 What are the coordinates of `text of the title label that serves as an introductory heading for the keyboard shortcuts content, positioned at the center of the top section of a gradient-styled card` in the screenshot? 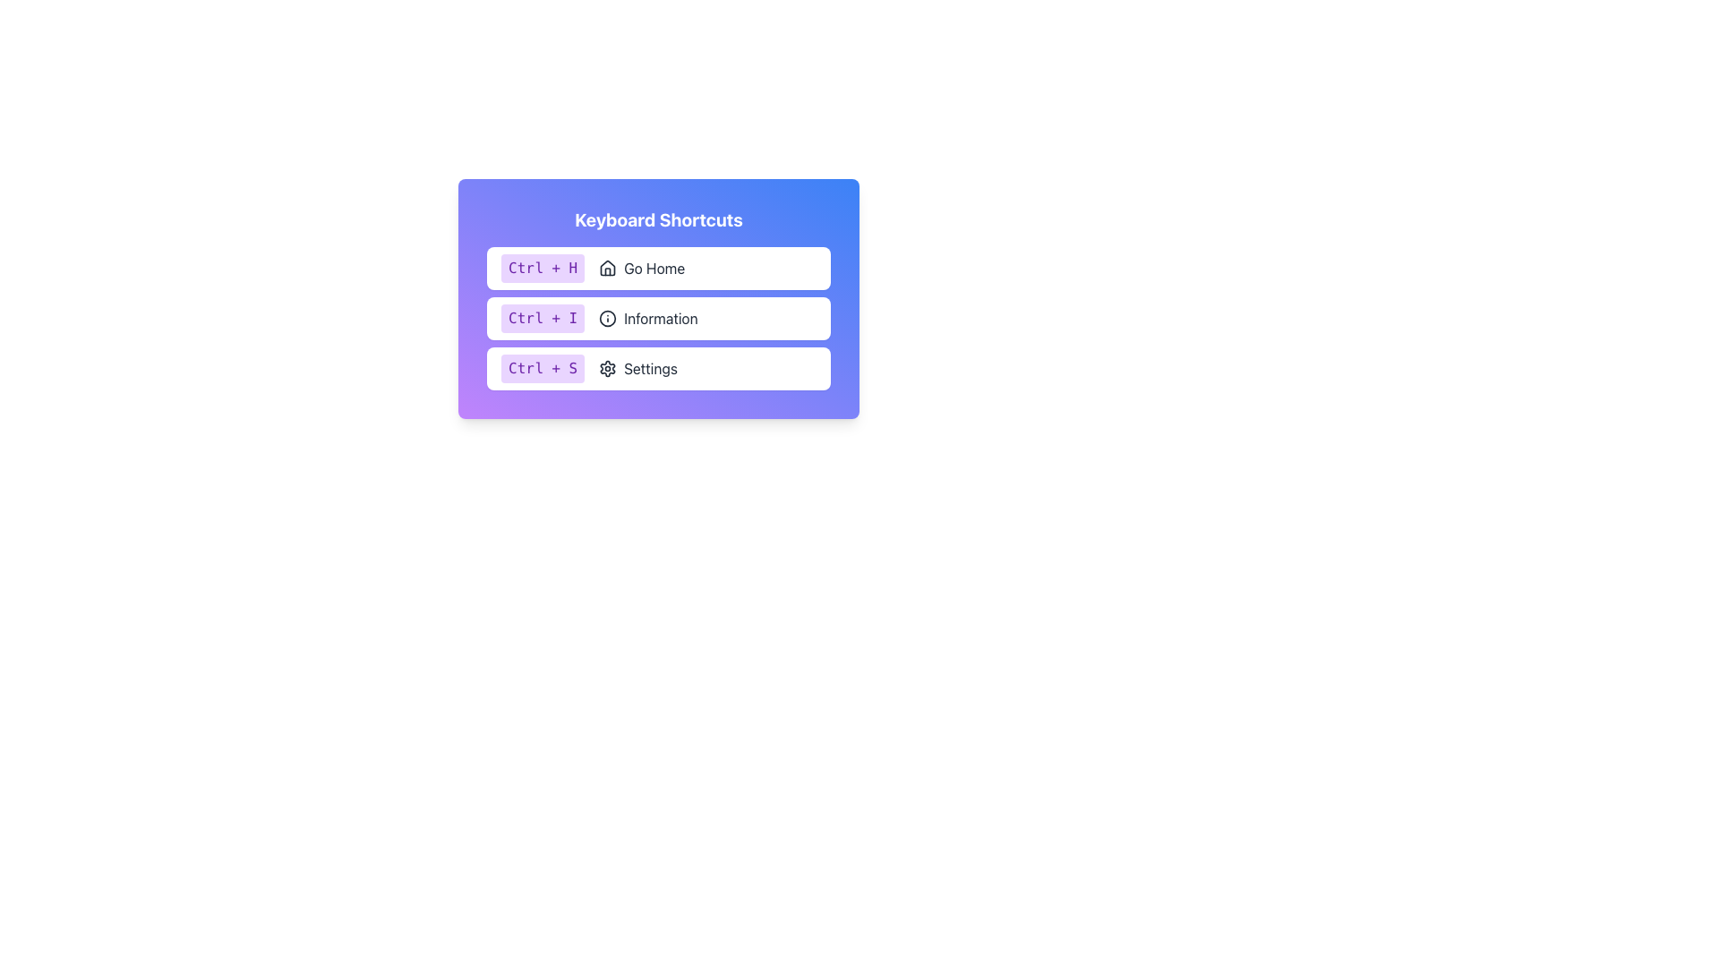 It's located at (657, 219).